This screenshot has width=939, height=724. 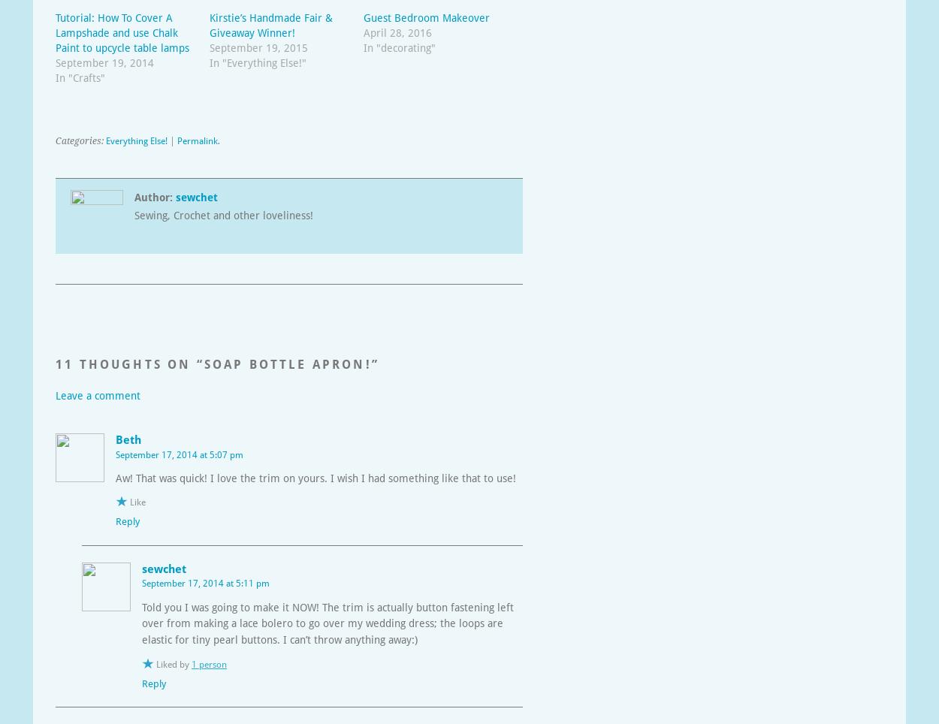 What do you see at coordinates (129, 363) in the screenshot?
I see `'11 thoughts on “'` at bounding box center [129, 363].